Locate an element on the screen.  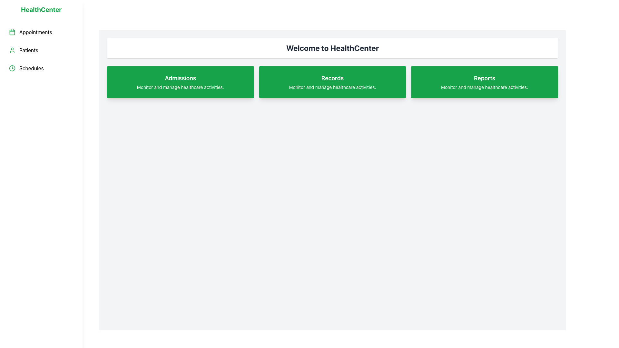
the welcoming header text element located at the top-center of the main content area, which establishes the application's identity is located at coordinates (332, 48).